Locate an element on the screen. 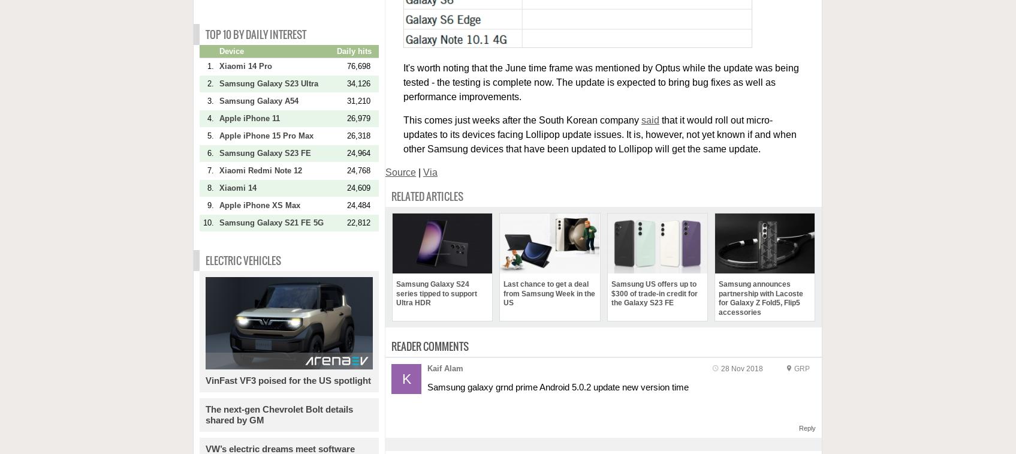 This screenshot has width=1016, height=454. 'Apple iPhone XS Max' is located at coordinates (259, 204).